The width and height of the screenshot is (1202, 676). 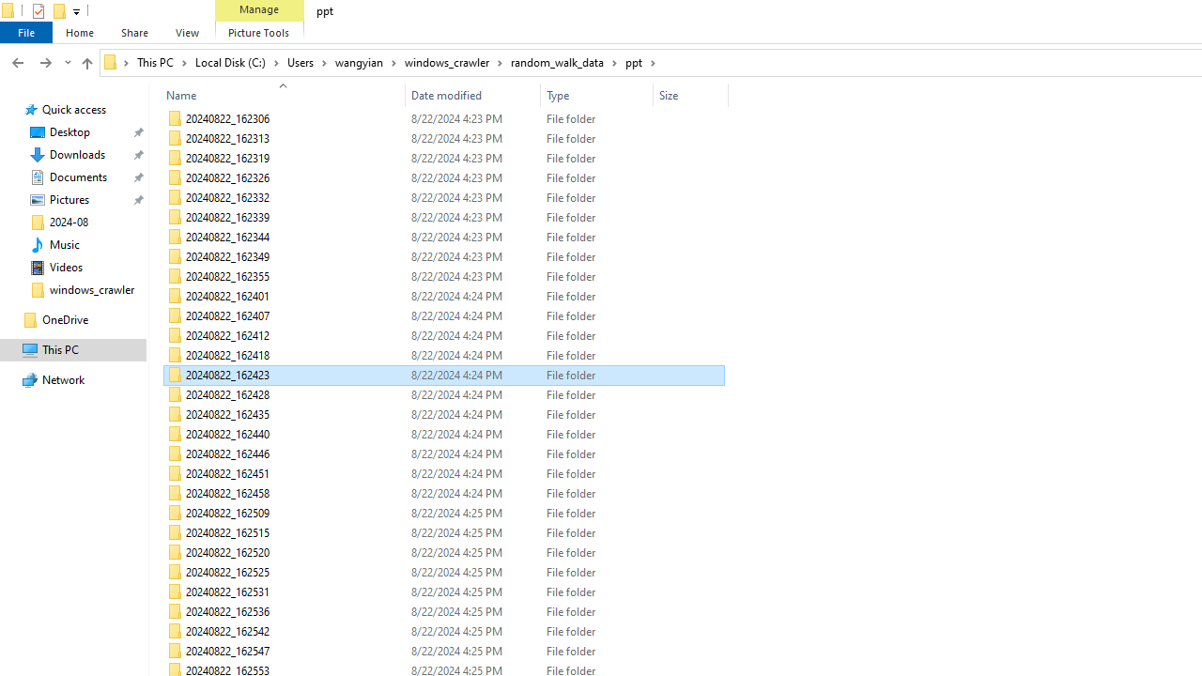 I want to click on 'Filter dropdown', so click(x=719, y=95).